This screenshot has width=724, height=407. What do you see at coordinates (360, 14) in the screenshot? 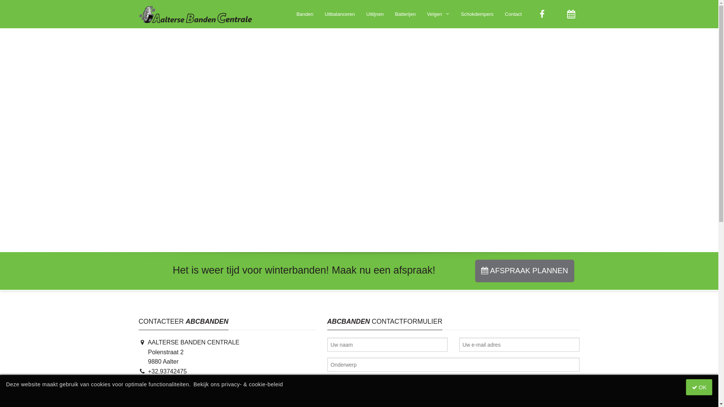
I see `'Uitlijnen'` at bounding box center [360, 14].